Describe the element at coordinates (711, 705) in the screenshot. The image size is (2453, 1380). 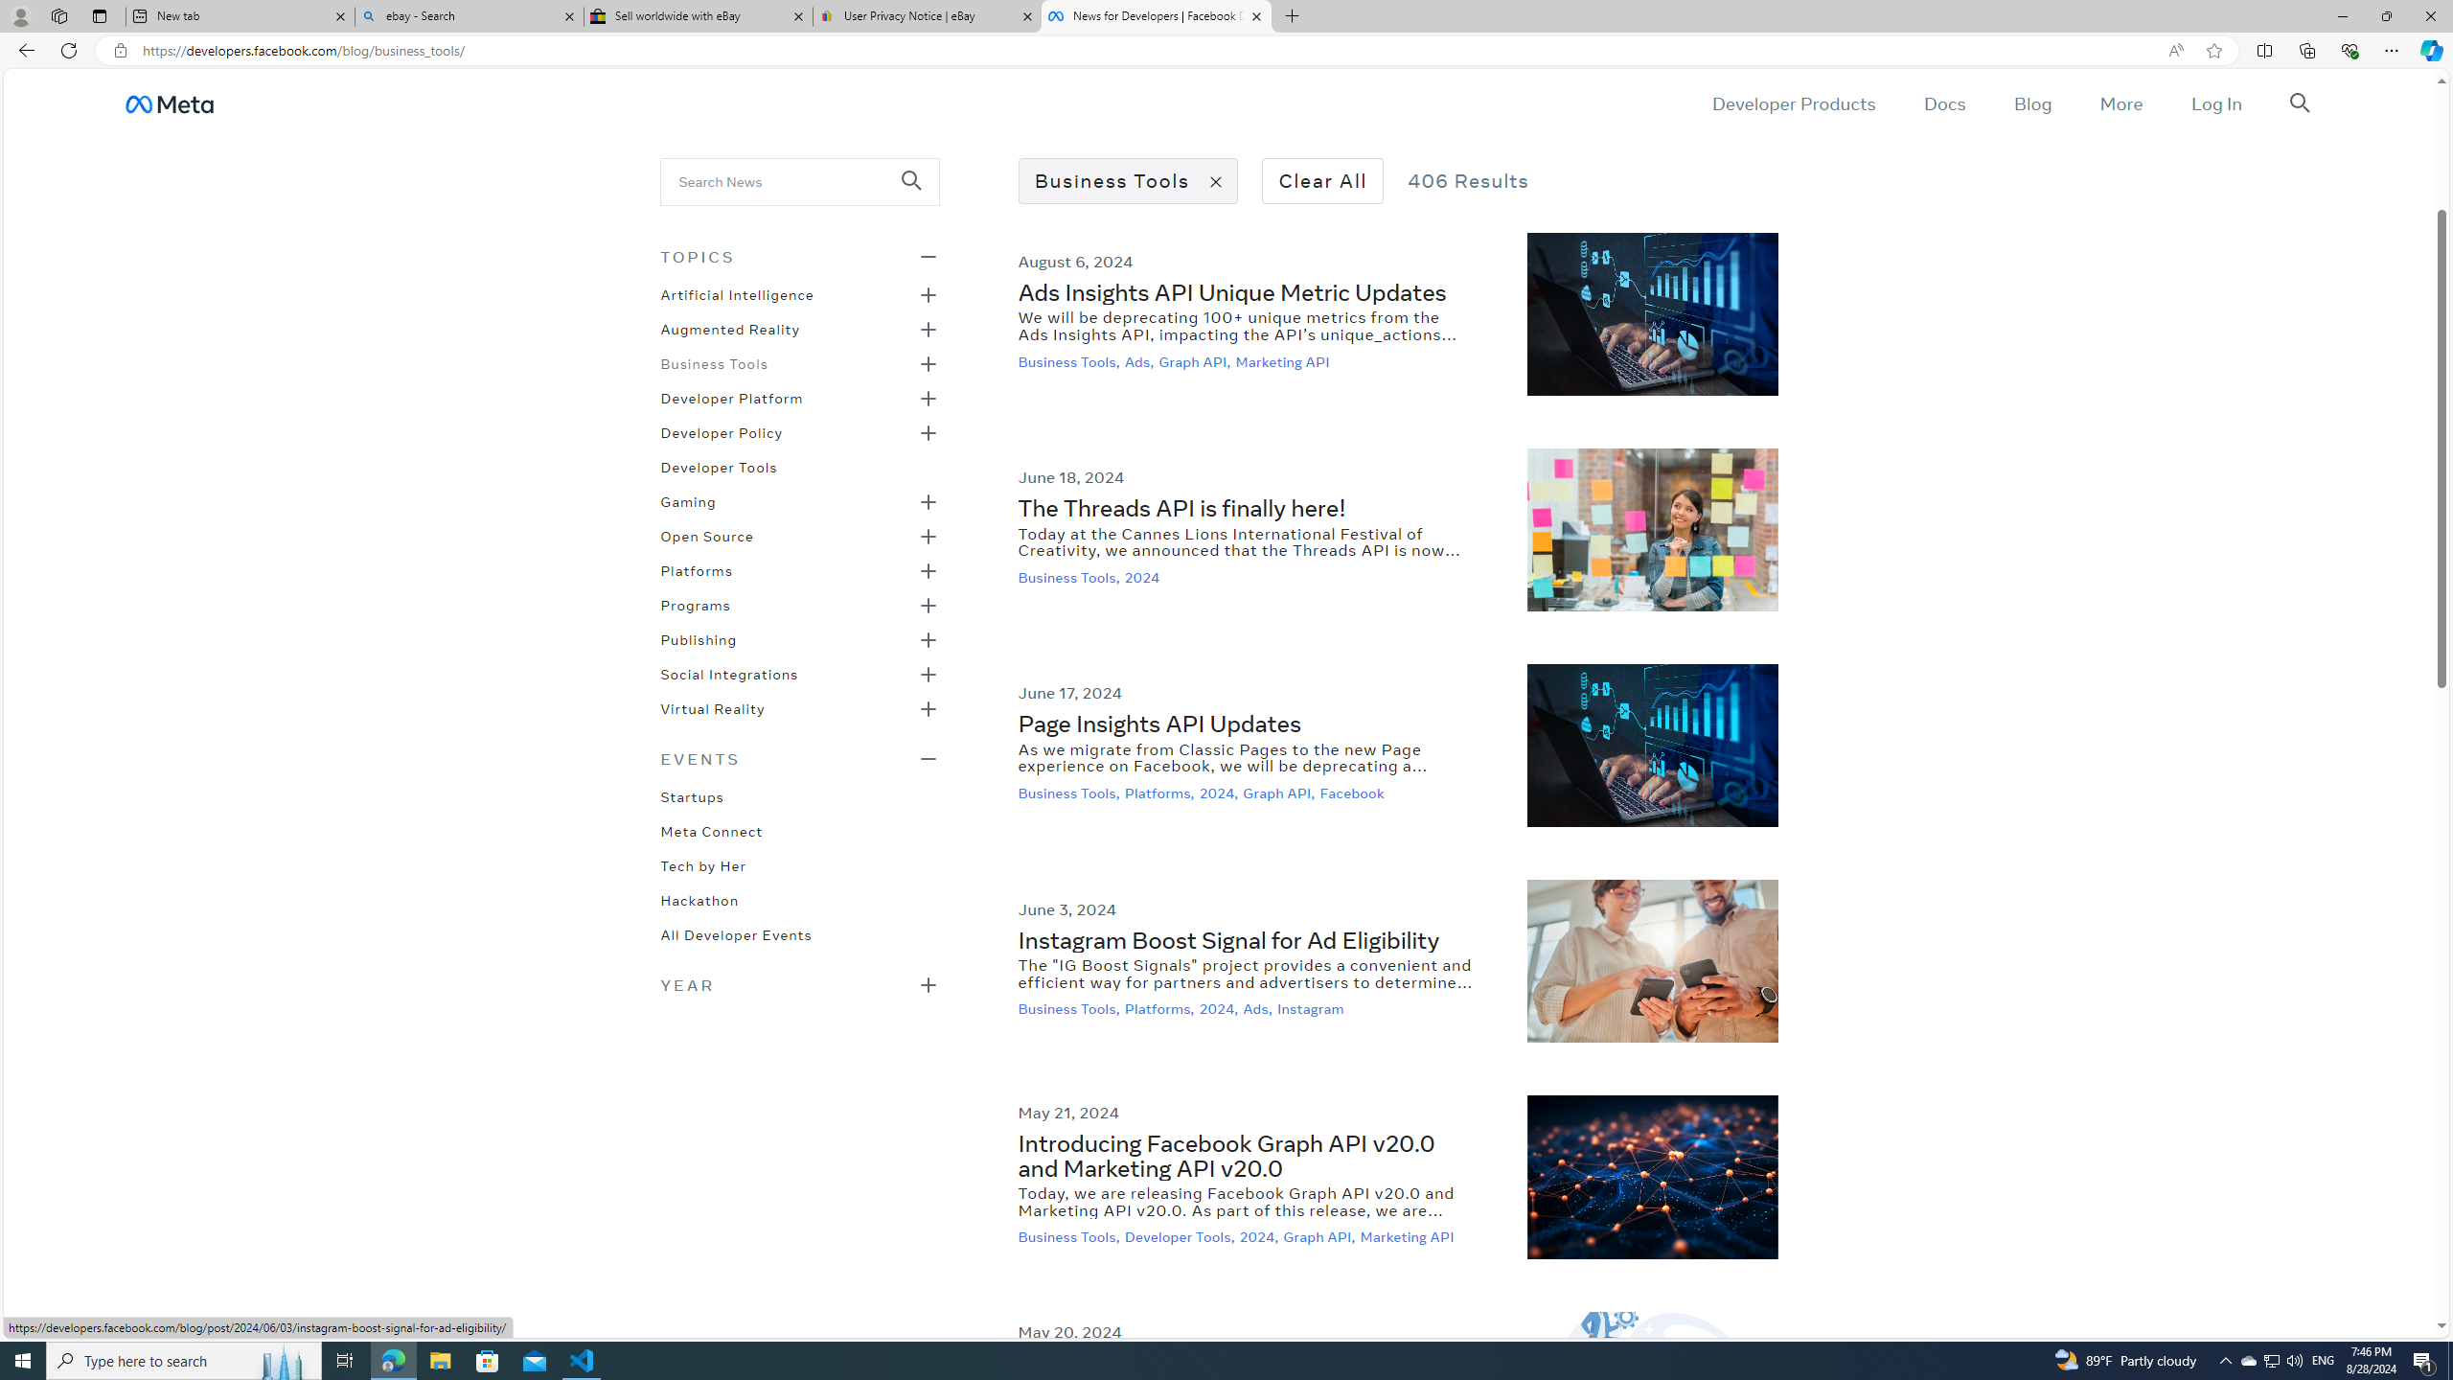
I see `'Virtual Reality'` at that location.